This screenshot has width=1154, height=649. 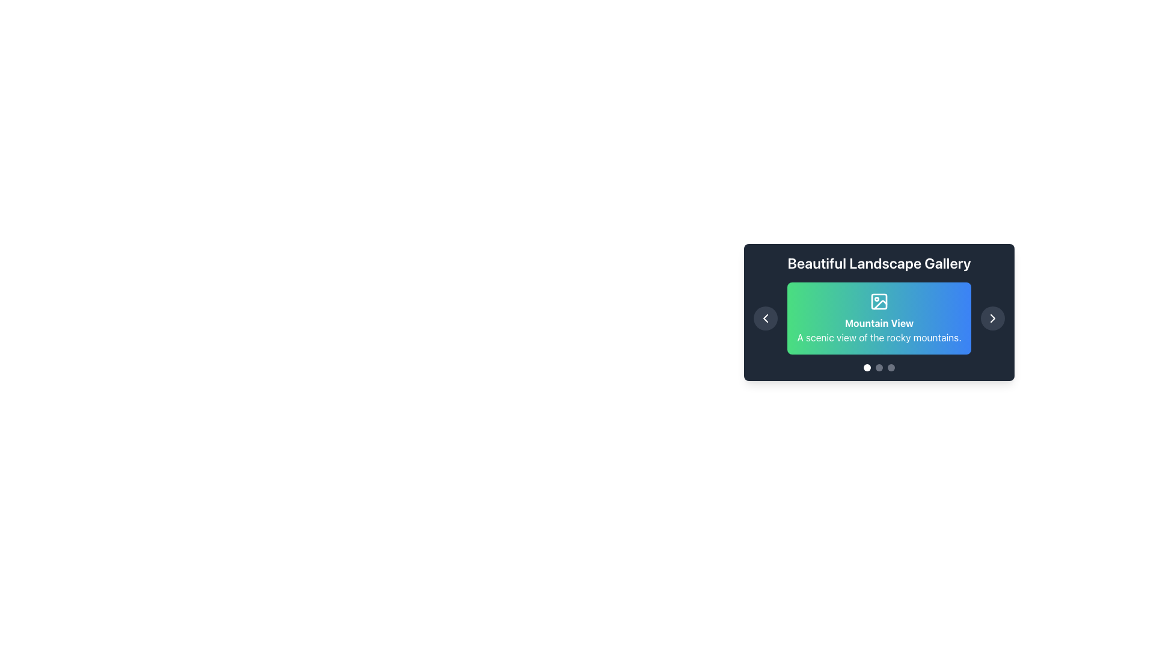 What do you see at coordinates (992, 317) in the screenshot?
I see `the next-navigation icon located on the right side of the 'Beautiful Landscape Gallery' interface, which is within a circular button-like element` at bounding box center [992, 317].